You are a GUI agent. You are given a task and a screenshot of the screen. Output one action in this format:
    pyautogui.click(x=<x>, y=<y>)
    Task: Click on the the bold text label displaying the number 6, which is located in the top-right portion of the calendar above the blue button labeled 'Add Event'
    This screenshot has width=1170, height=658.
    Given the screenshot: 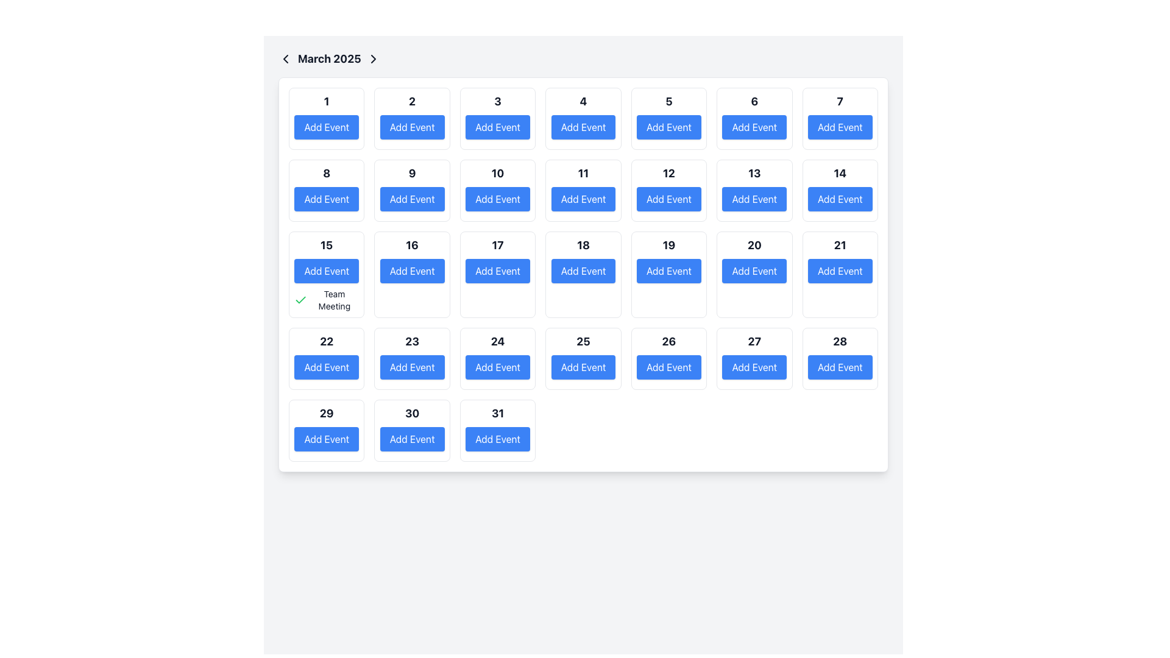 What is the action you would take?
    pyautogui.click(x=754, y=101)
    